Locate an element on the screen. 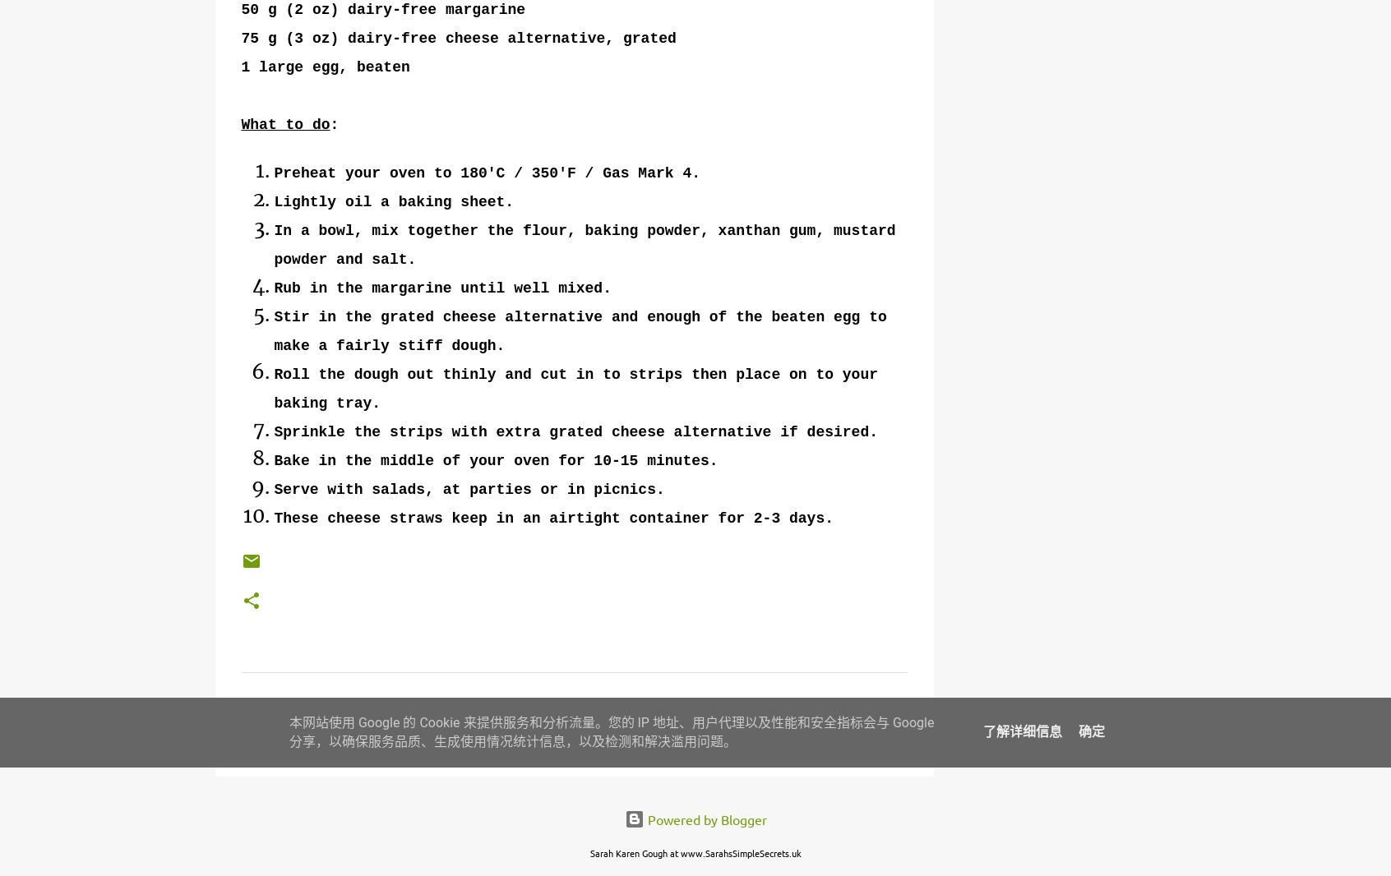  'Sarah Karen Gough at www.SarahsSimpleSecrets.uk' is located at coordinates (695, 852).